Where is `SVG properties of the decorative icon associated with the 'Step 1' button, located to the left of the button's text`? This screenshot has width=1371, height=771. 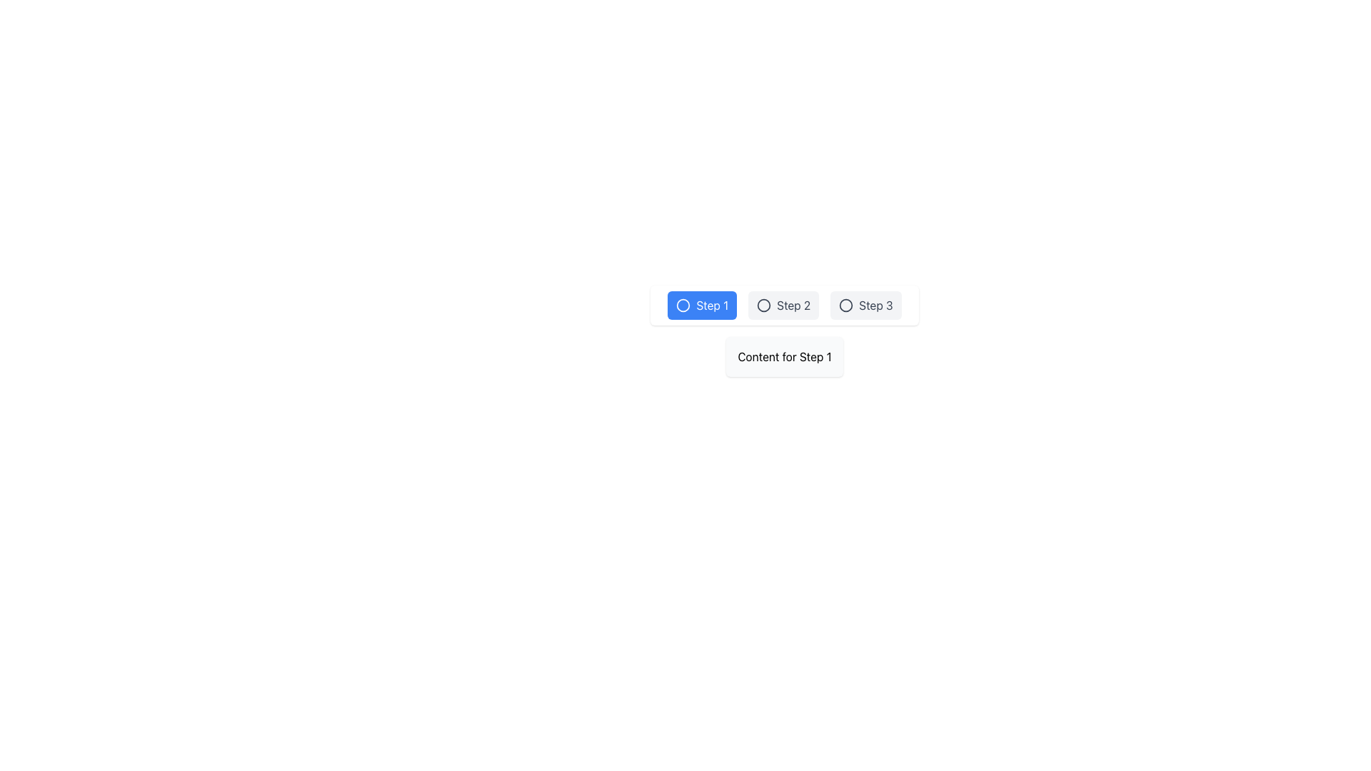 SVG properties of the decorative icon associated with the 'Step 1' button, located to the left of the button's text is located at coordinates (683, 305).